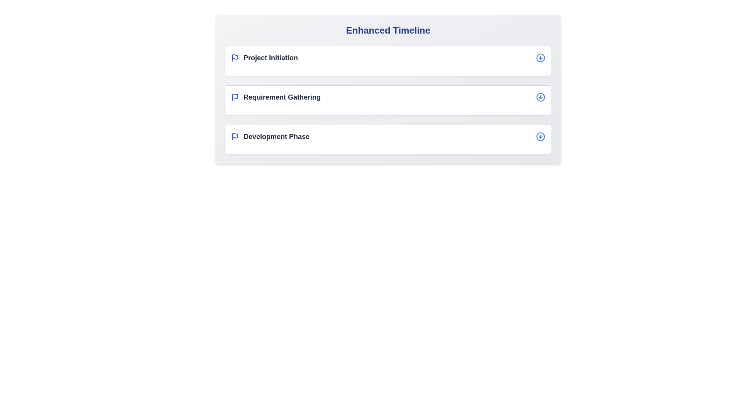 The width and height of the screenshot is (741, 417). What do you see at coordinates (388, 100) in the screenshot?
I see `the icons within the 'Requirement Gathering' card, which is the middle card in a vertical list of three cards` at bounding box center [388, 100].